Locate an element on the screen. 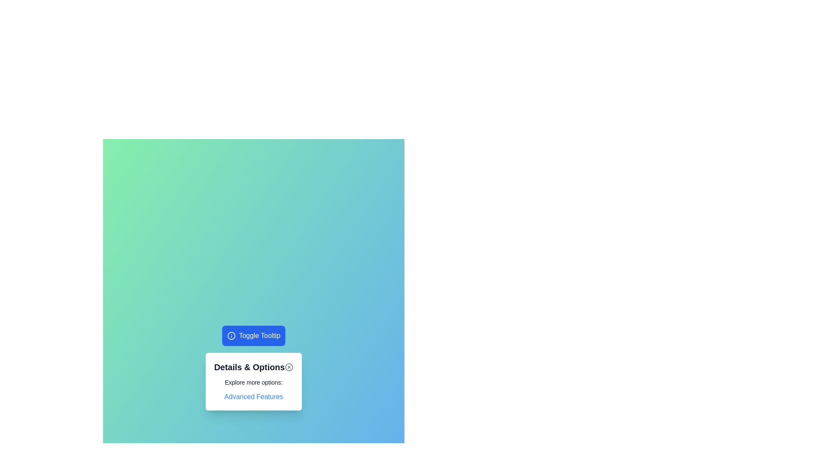 The height and width of the screenshot is (458, 814). the label displaying 'Explore more options:' which is styled in black text on a white background and is positioned below 'Details & Options' and above 'Advanced Features' is located at coordinates (253, 383).